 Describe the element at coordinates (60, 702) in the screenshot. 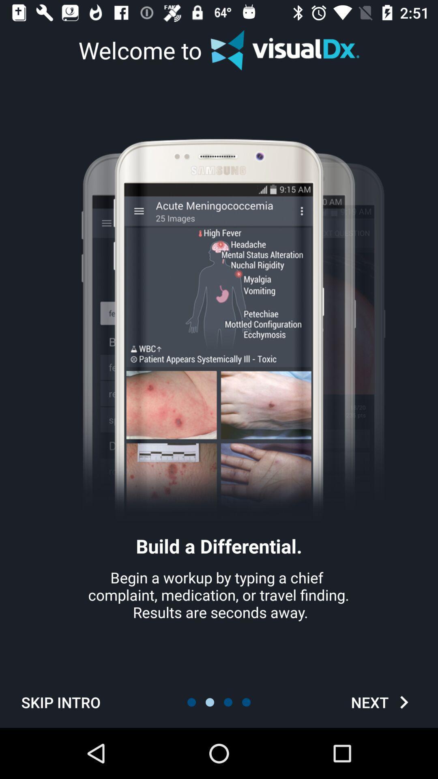

I see `the icon at the bottom left corner` at that location.